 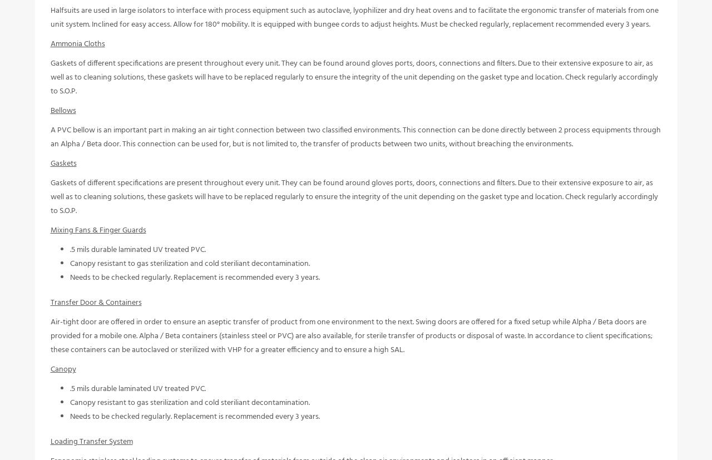 I want to click on 'Bellows', so click(x=62, y=118).